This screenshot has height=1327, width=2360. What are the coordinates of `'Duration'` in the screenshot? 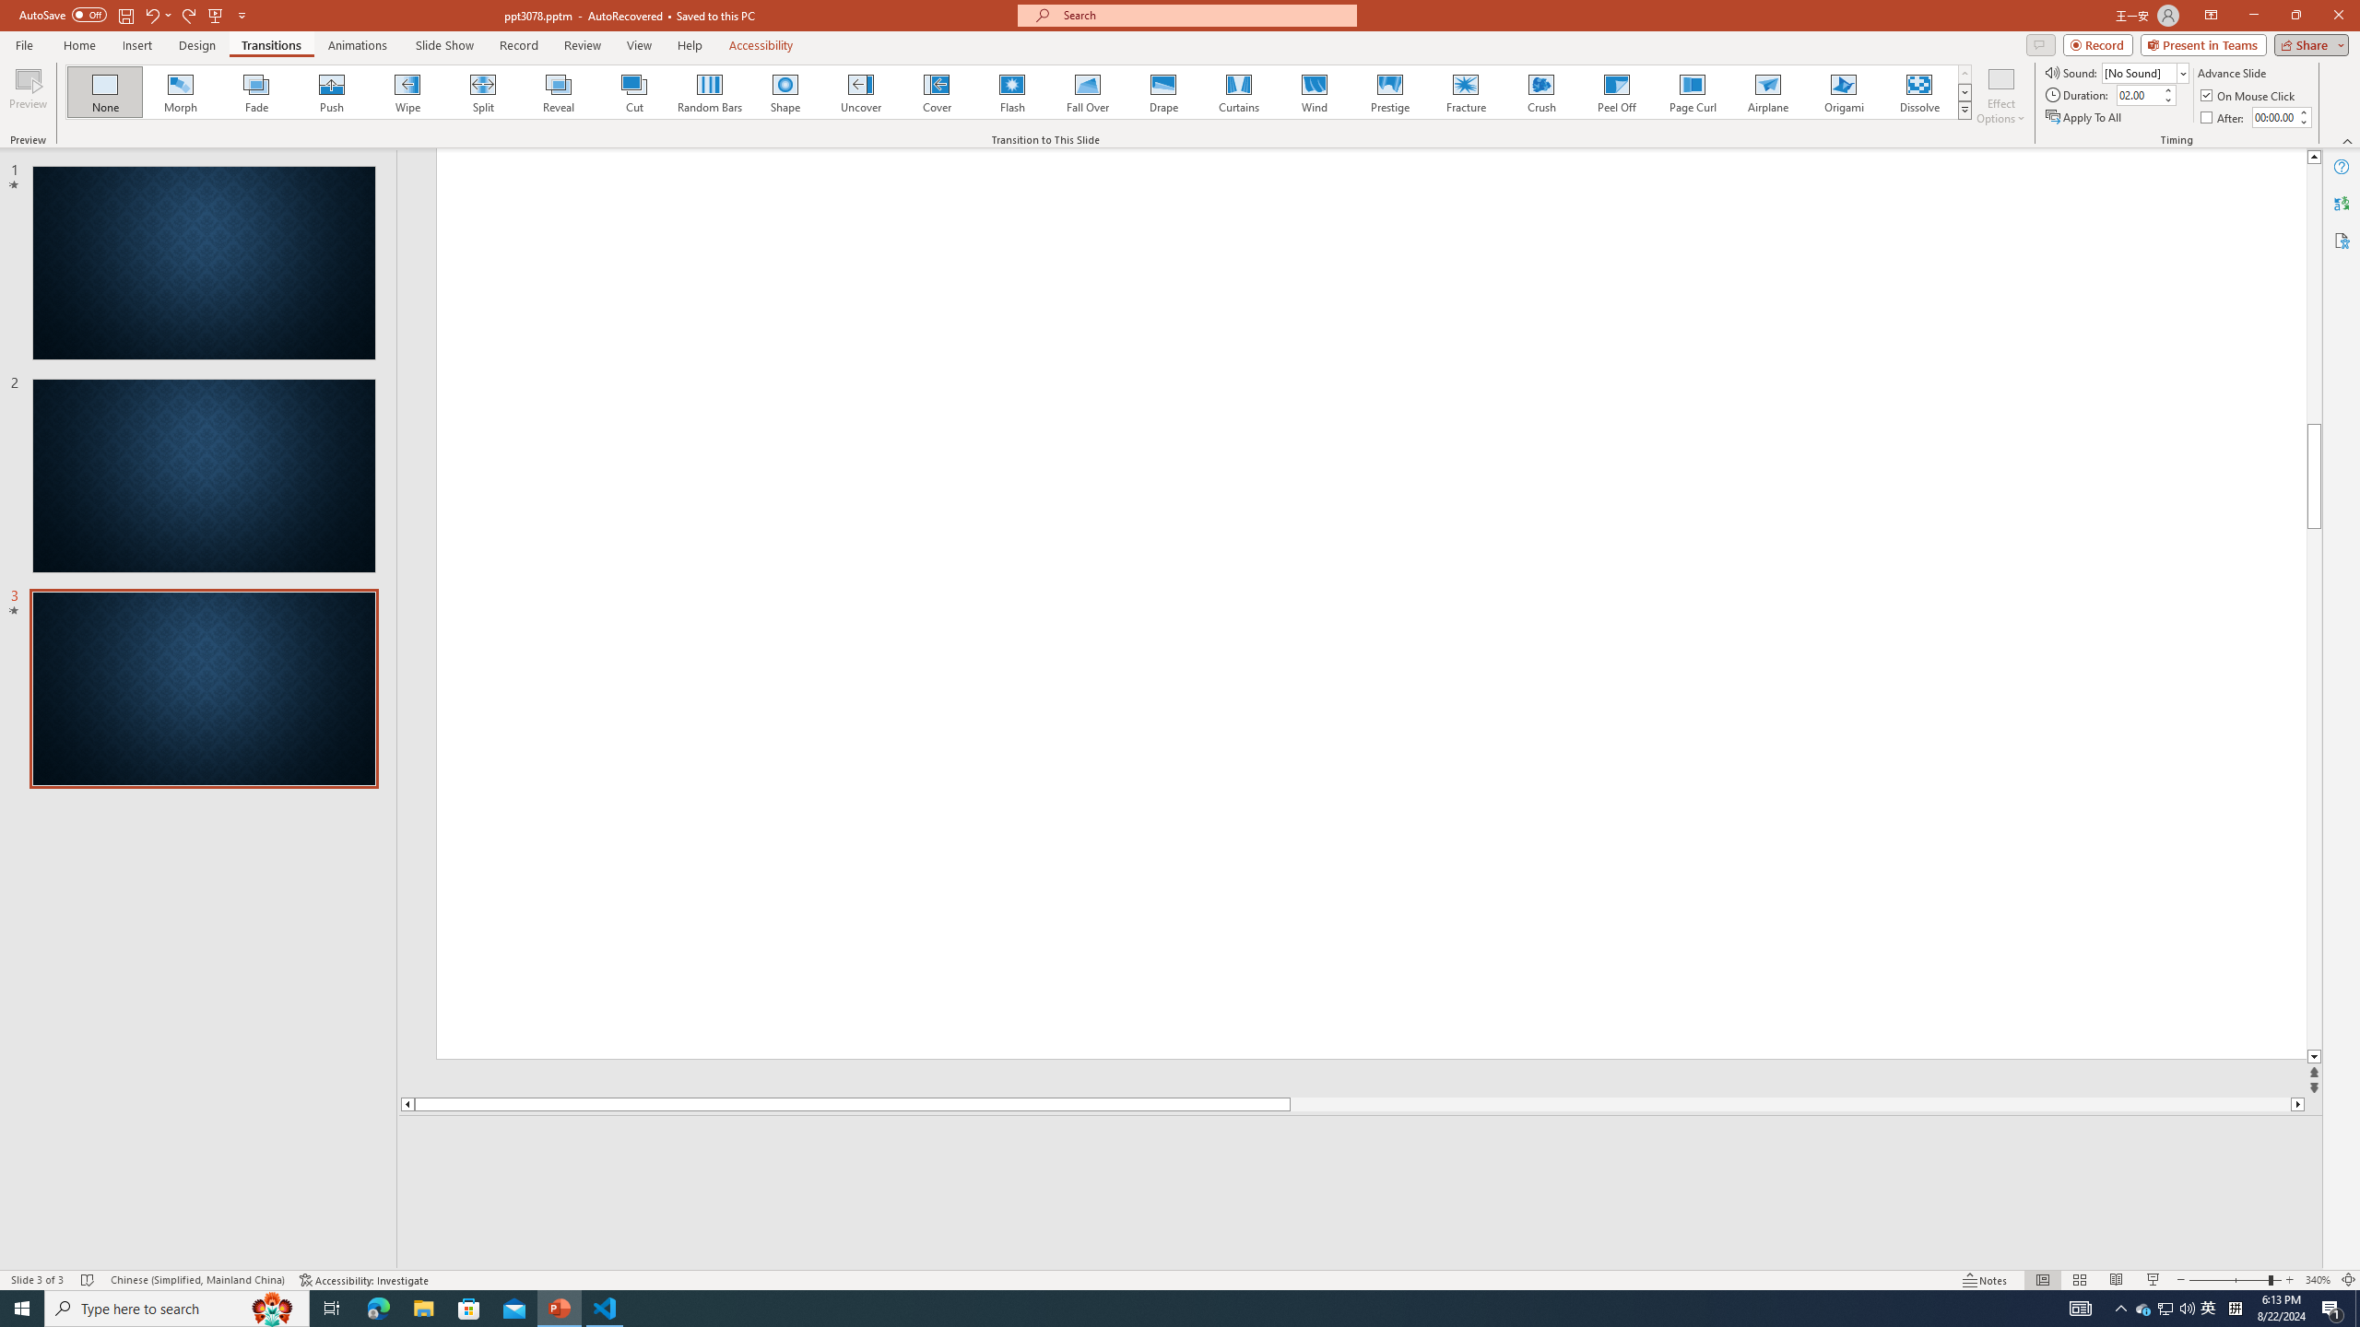 It's located at (2138, 94).